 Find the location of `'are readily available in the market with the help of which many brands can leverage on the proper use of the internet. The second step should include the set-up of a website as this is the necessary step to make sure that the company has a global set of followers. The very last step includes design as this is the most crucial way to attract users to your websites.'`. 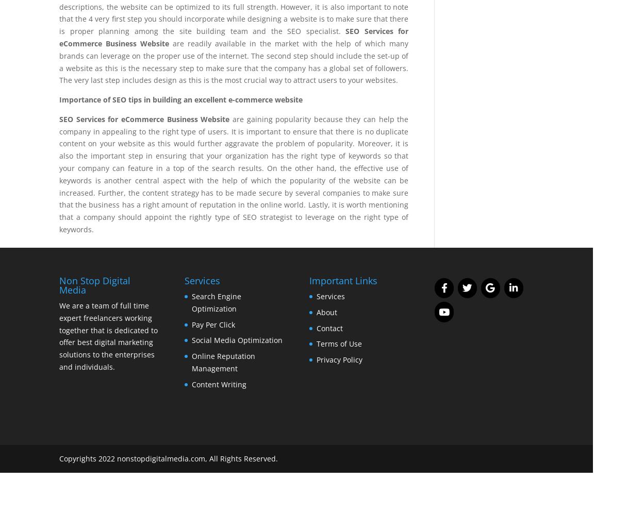

'are readily available in the market with the help of which many brands can leverage on the proper use of the internet. The second step should include the set-up of a website as this is the necessary step to make sure that the company has a global set of followers. The very last step includes design as this is the most crucial way to attract users to your websites.' is located at coordinates (234, 61).